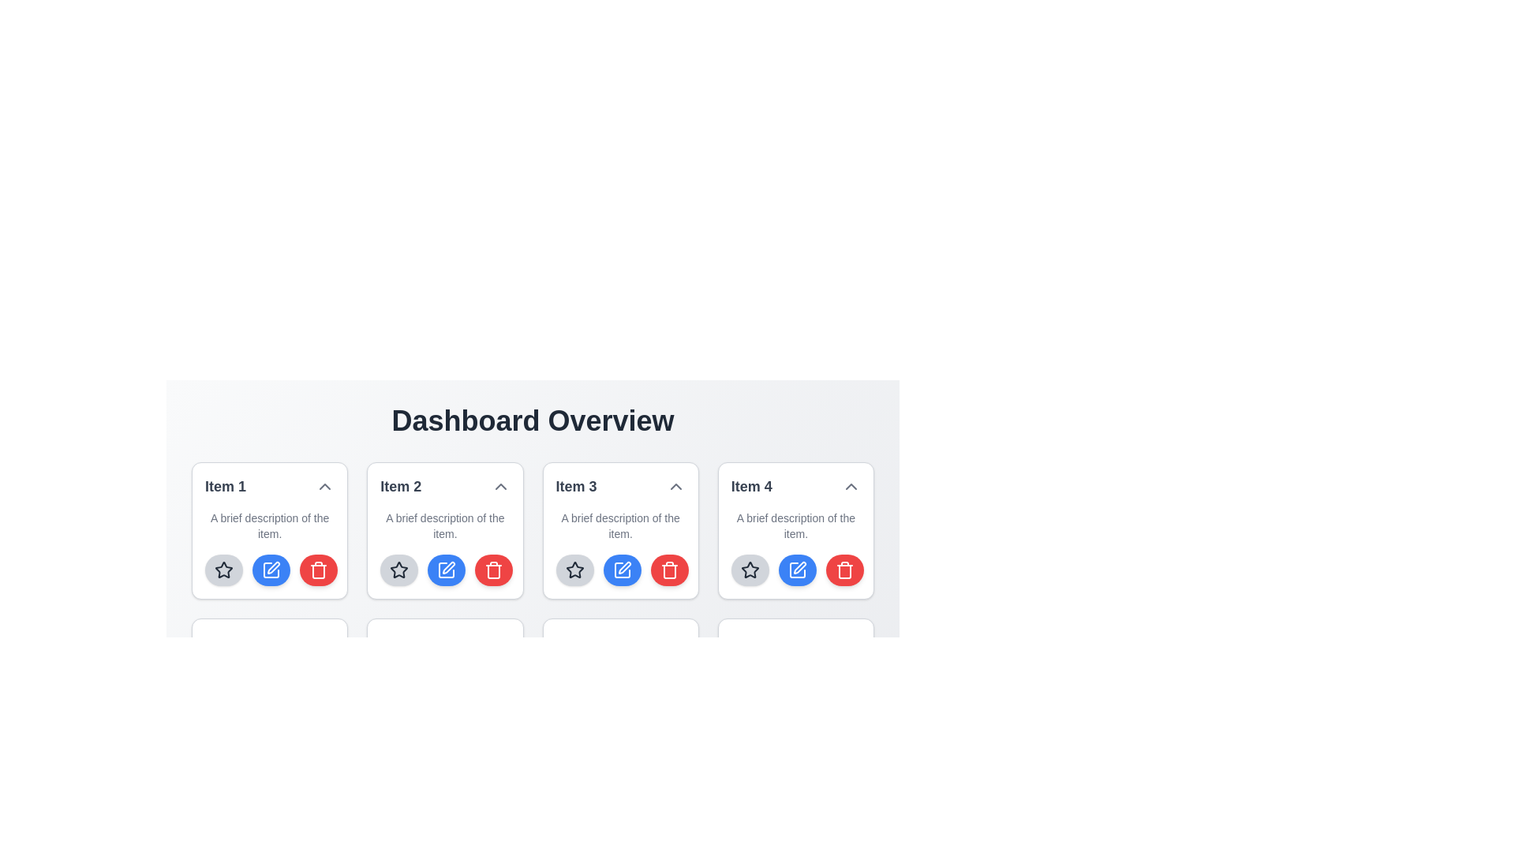  I want to click on the circular red button with a white trash icon located in the card labeled 'Item 2', which is the third button from the left, so click(493, 570).